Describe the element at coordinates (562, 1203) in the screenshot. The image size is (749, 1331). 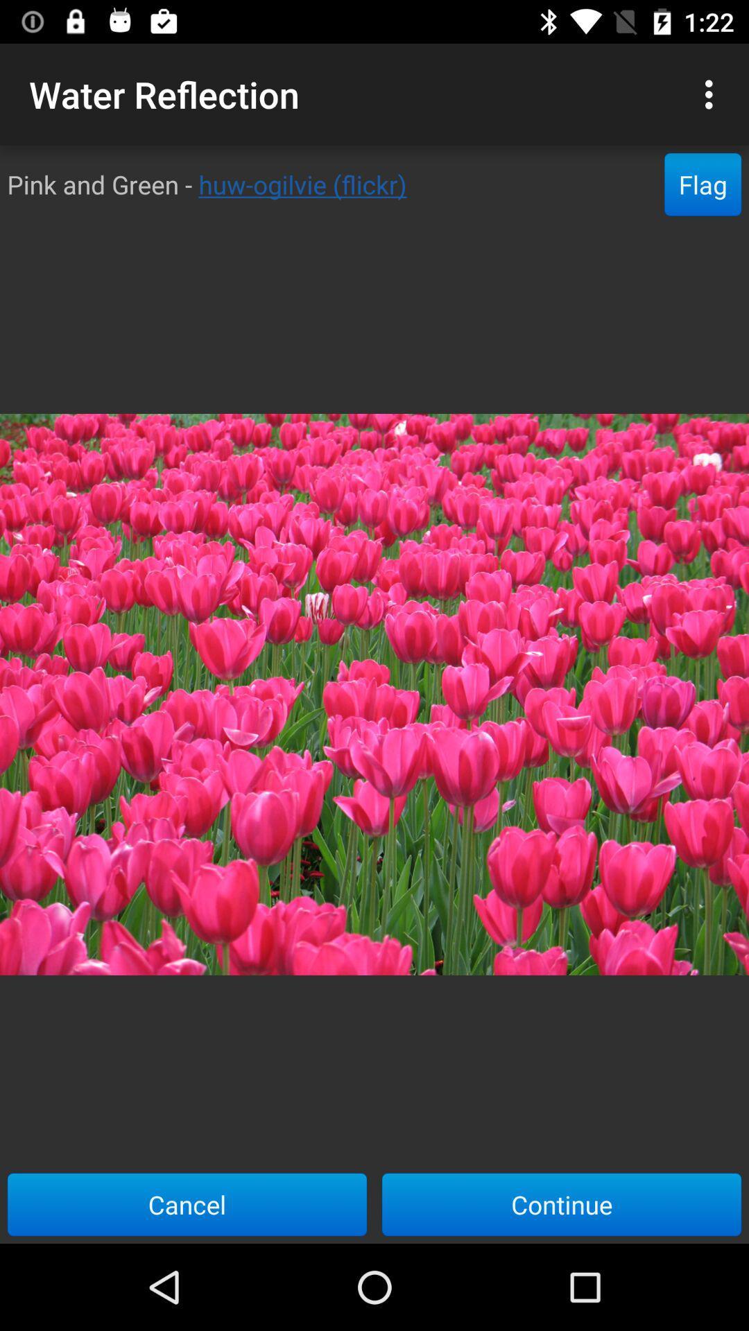
I see `the icon to the right of the cancel` at that location.